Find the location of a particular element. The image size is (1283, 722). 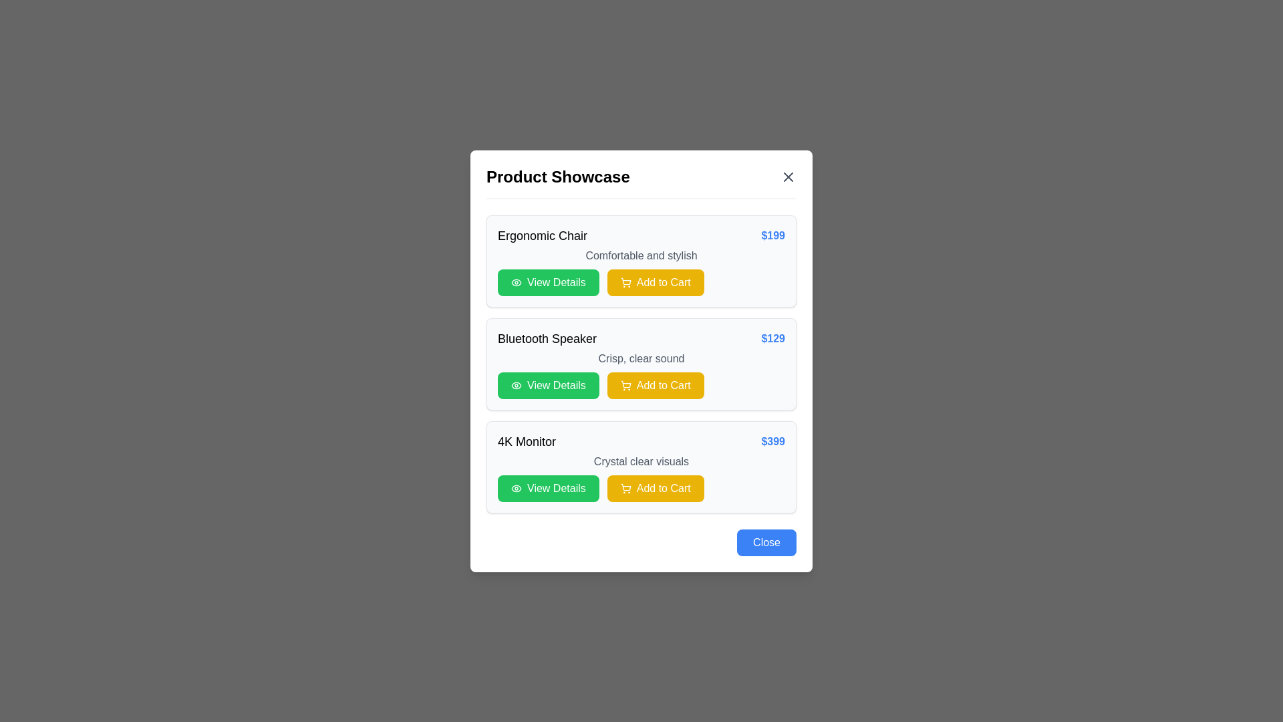

the shopping cart icon, which is a yellow button with rounded corners located to the right of the green 'View Details' button in the 'Add to Cart' section of the 'Bluetooth Speaker' product card is located at coordinates (625, 385).